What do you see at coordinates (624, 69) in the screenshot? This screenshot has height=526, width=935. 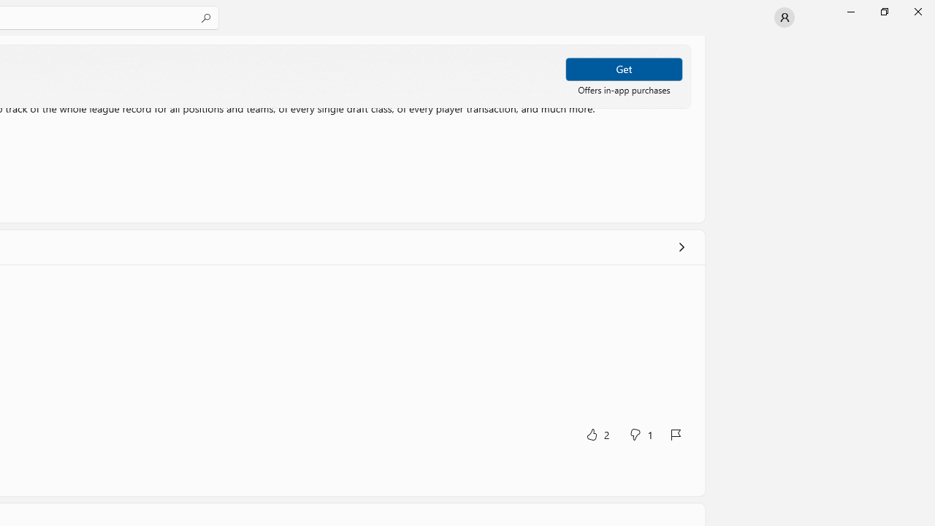 I see `'Get'` at bounding box center [624, 69].